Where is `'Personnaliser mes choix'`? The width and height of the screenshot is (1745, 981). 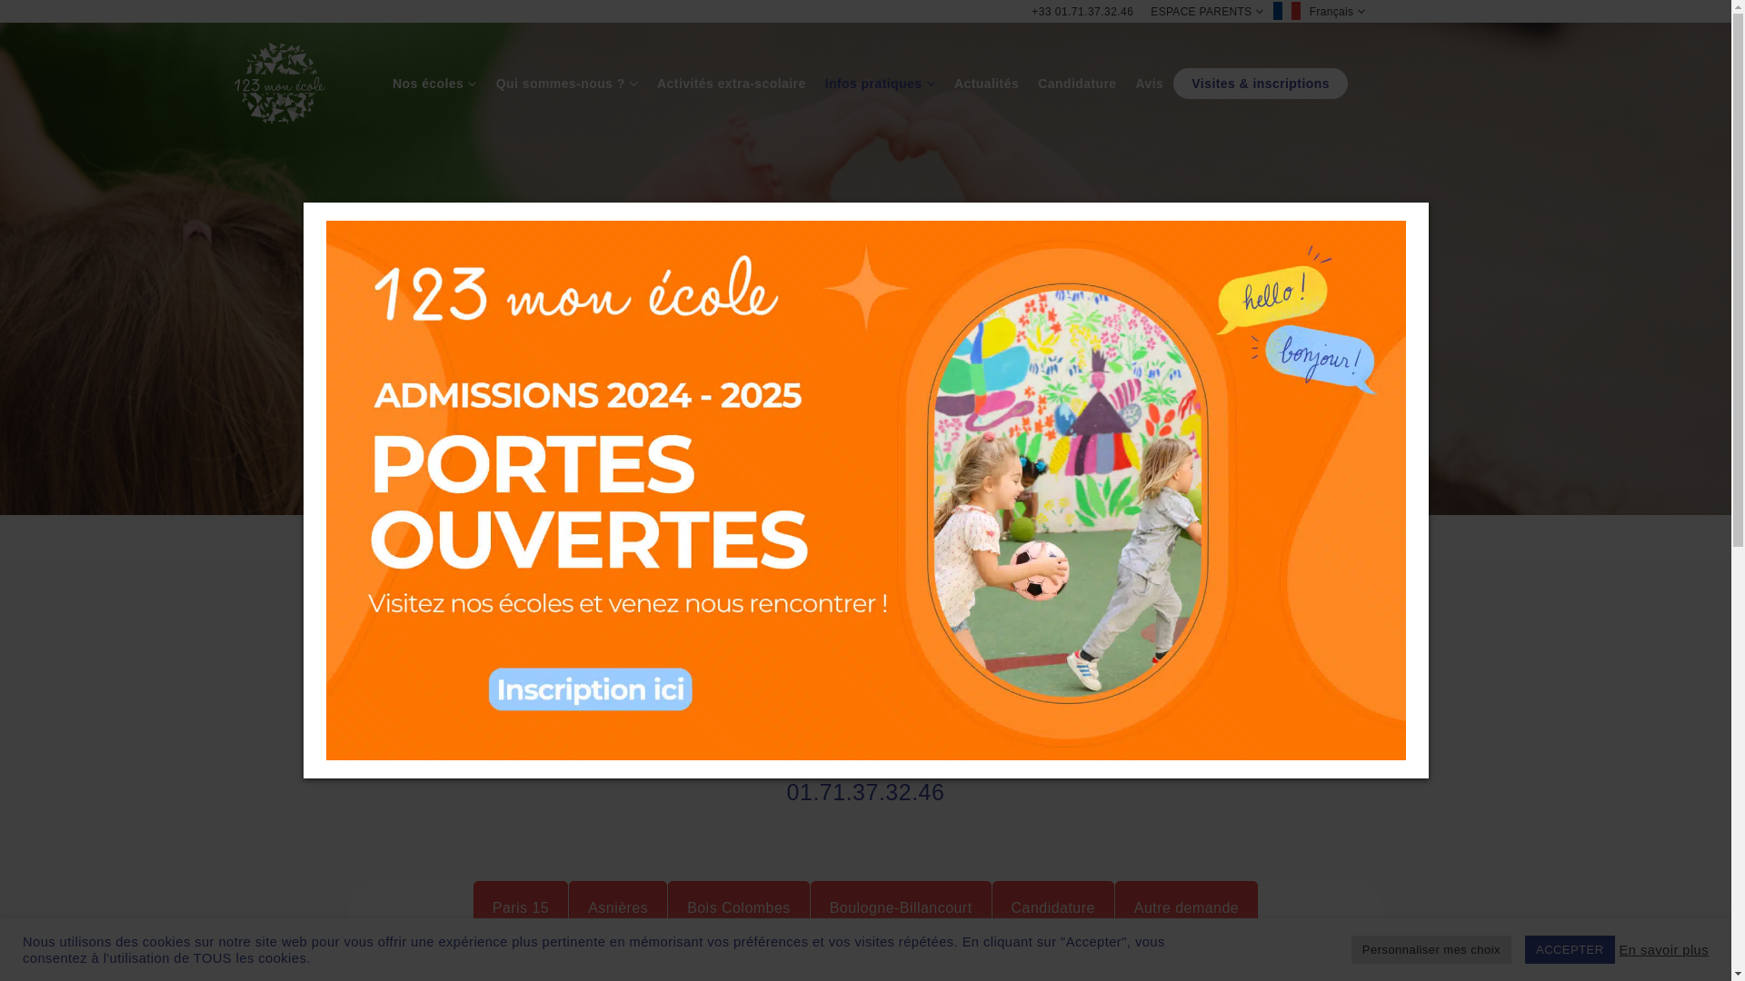
'Personnaliser mes choix' is located at coordinates (1430, 948).